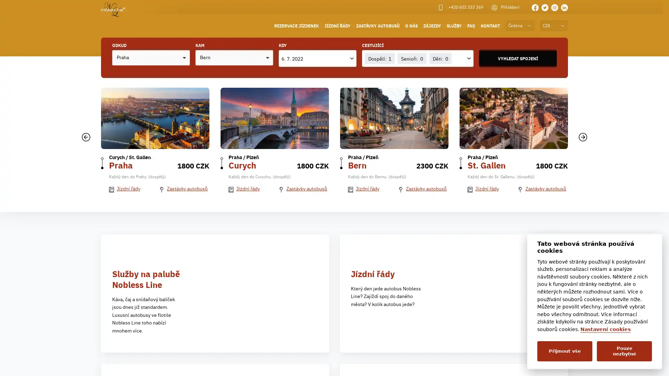 The width and height of the screenshot is (669, 376). What do you see at coordinates (517, 58) in the screenshot?
I see `VYHLEDAT SPOJENI` at bounding box center [517, 58].